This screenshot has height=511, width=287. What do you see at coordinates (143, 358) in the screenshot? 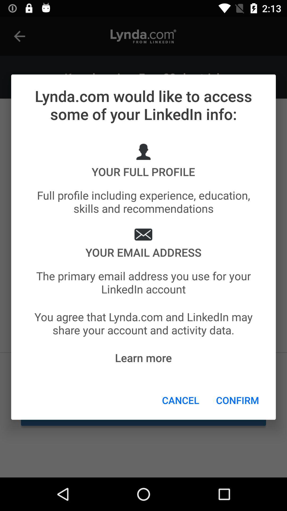
I see `icon below the you agree that item` at bounding box center [143, 358].